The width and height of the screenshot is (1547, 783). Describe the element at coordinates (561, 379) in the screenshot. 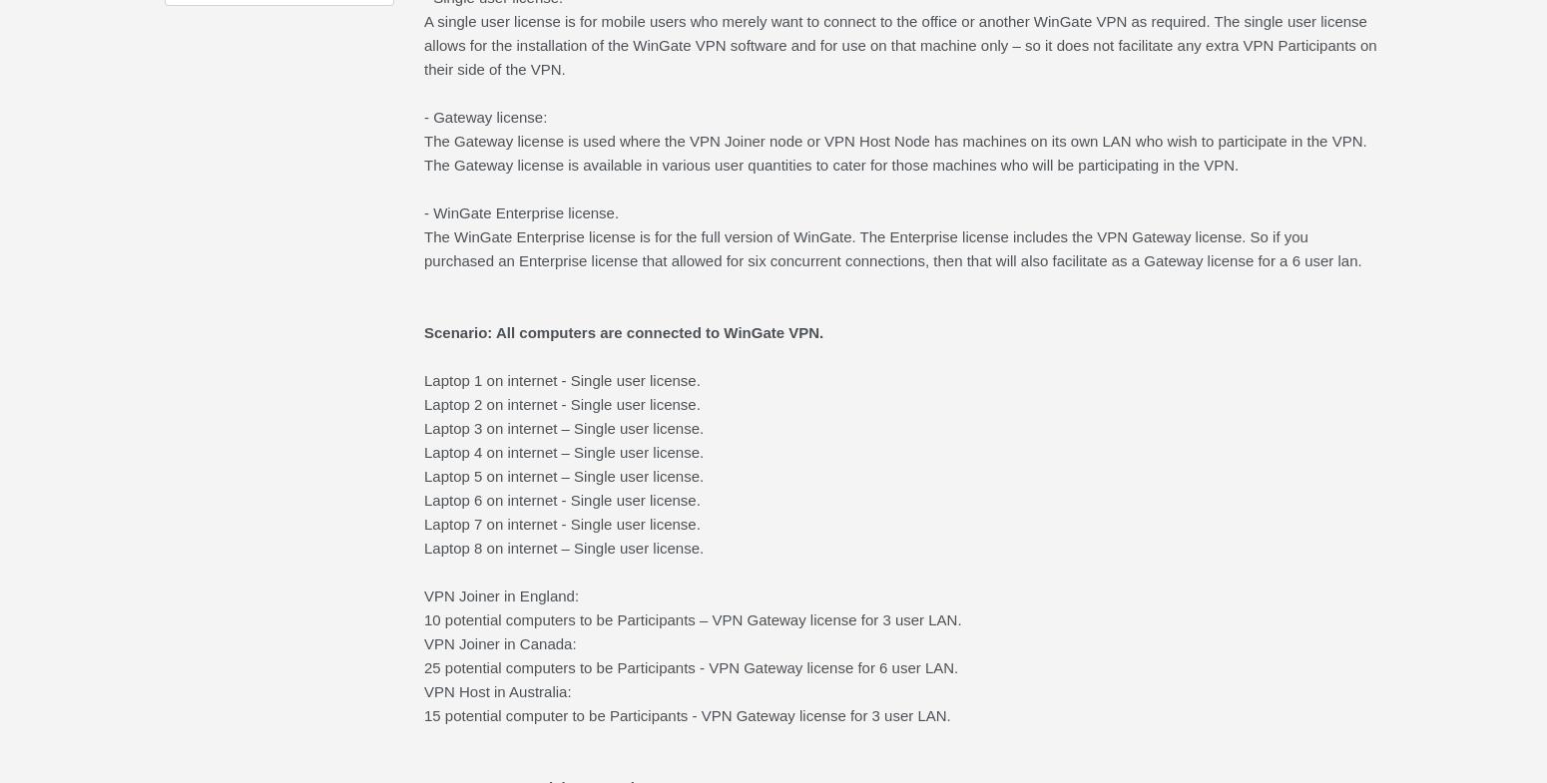

I see `'Laptop 1 on internet - Single user license.'` at that location.